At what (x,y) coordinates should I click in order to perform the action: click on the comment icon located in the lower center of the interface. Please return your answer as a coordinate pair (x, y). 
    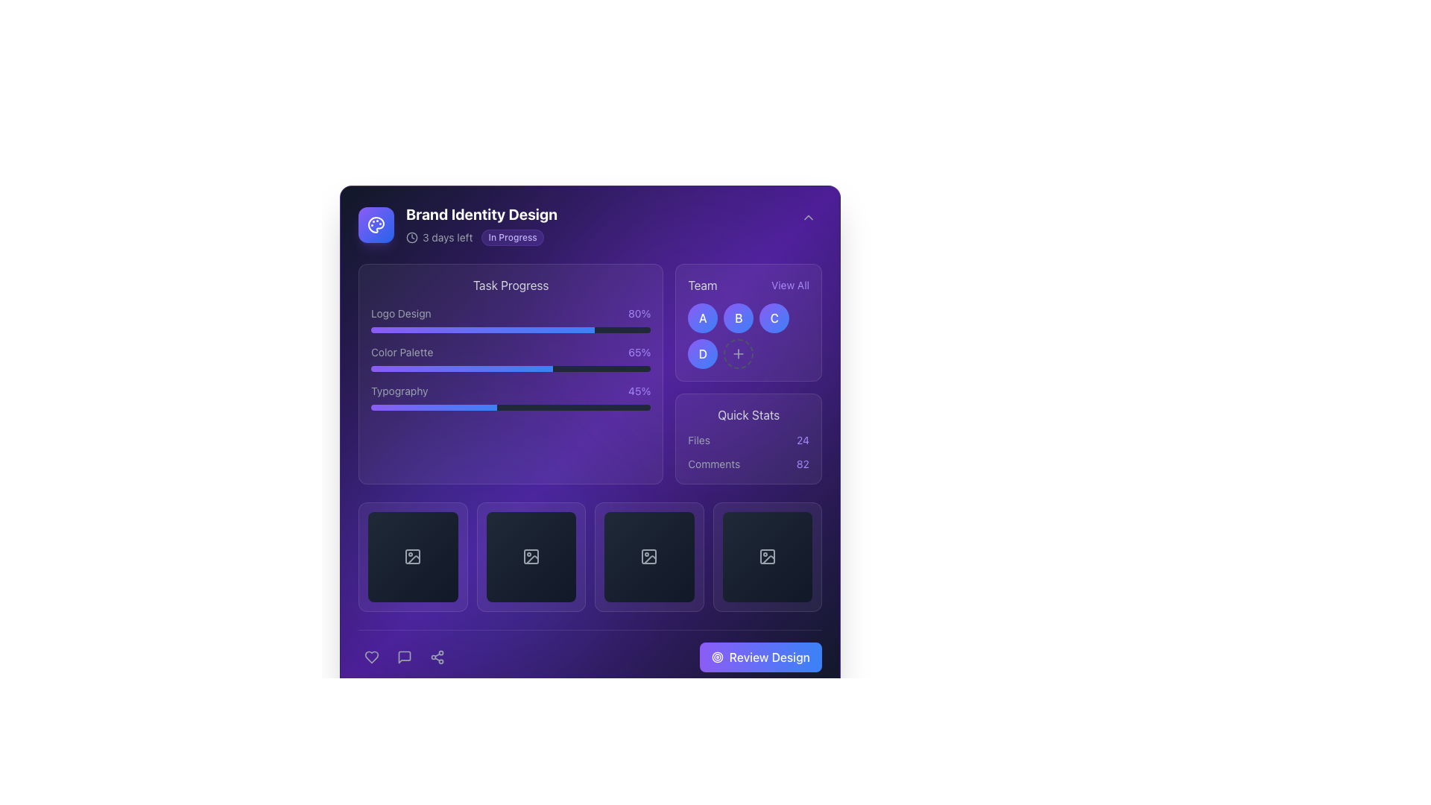
    Looking at the image, I should click on (404, 655).